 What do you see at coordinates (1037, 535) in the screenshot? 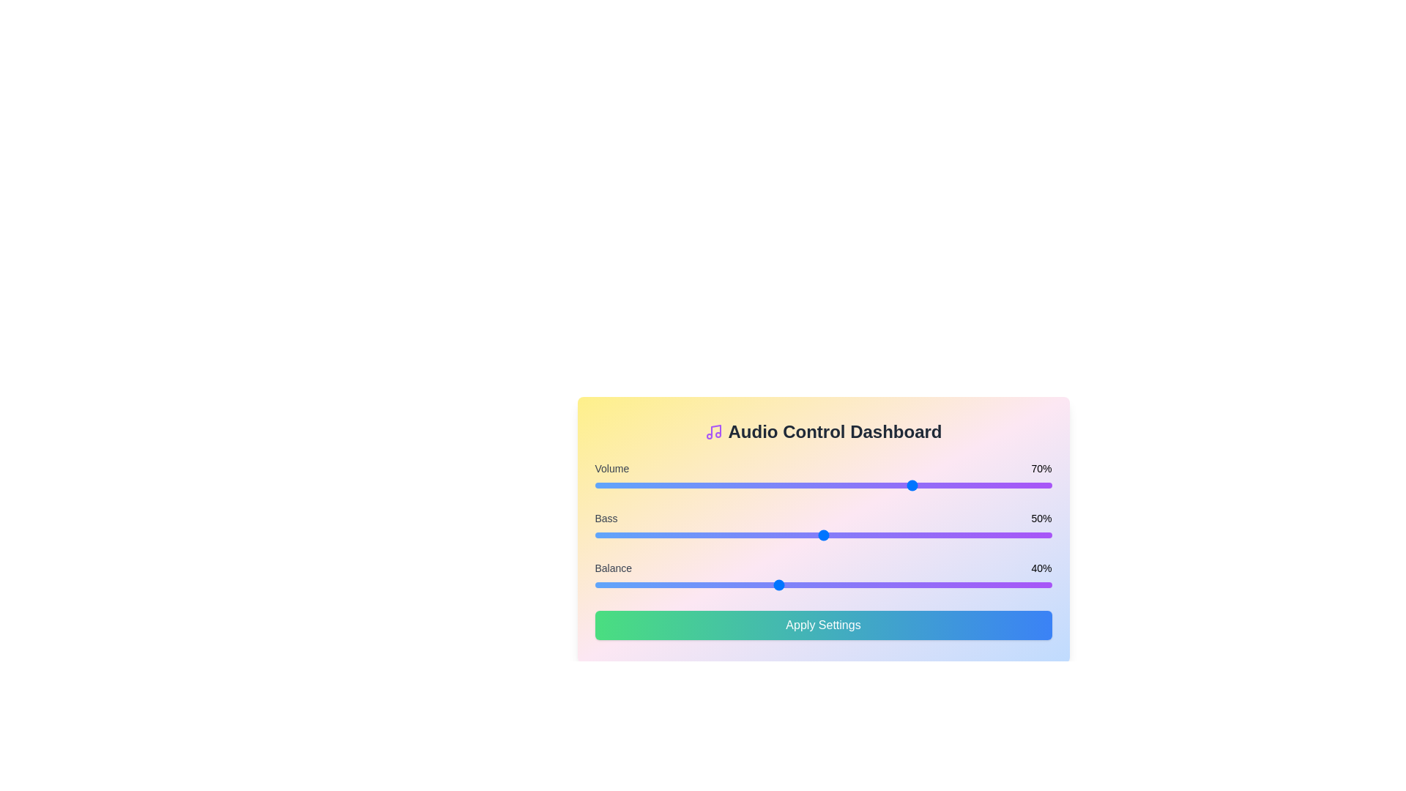
I see `bass` at bounding box center [1037, 535].